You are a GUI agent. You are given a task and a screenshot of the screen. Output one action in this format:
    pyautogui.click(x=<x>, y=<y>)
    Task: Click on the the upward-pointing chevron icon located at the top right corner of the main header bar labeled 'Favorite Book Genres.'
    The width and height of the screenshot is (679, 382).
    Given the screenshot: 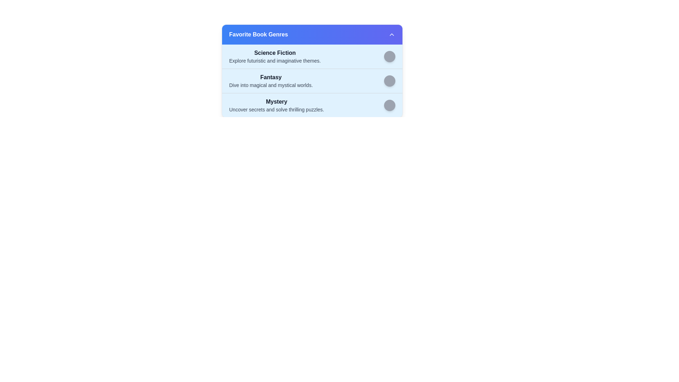 What is the action you would take?
    pyautogui.click(x=391, y=34)
    